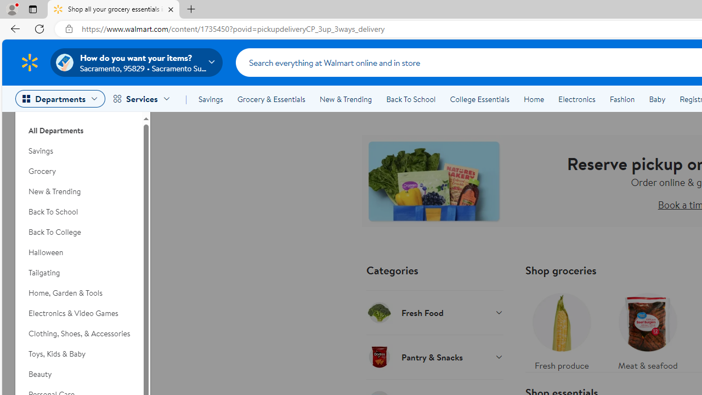  I want to click on 'Home, Garden & Tools', so click(78, 292).